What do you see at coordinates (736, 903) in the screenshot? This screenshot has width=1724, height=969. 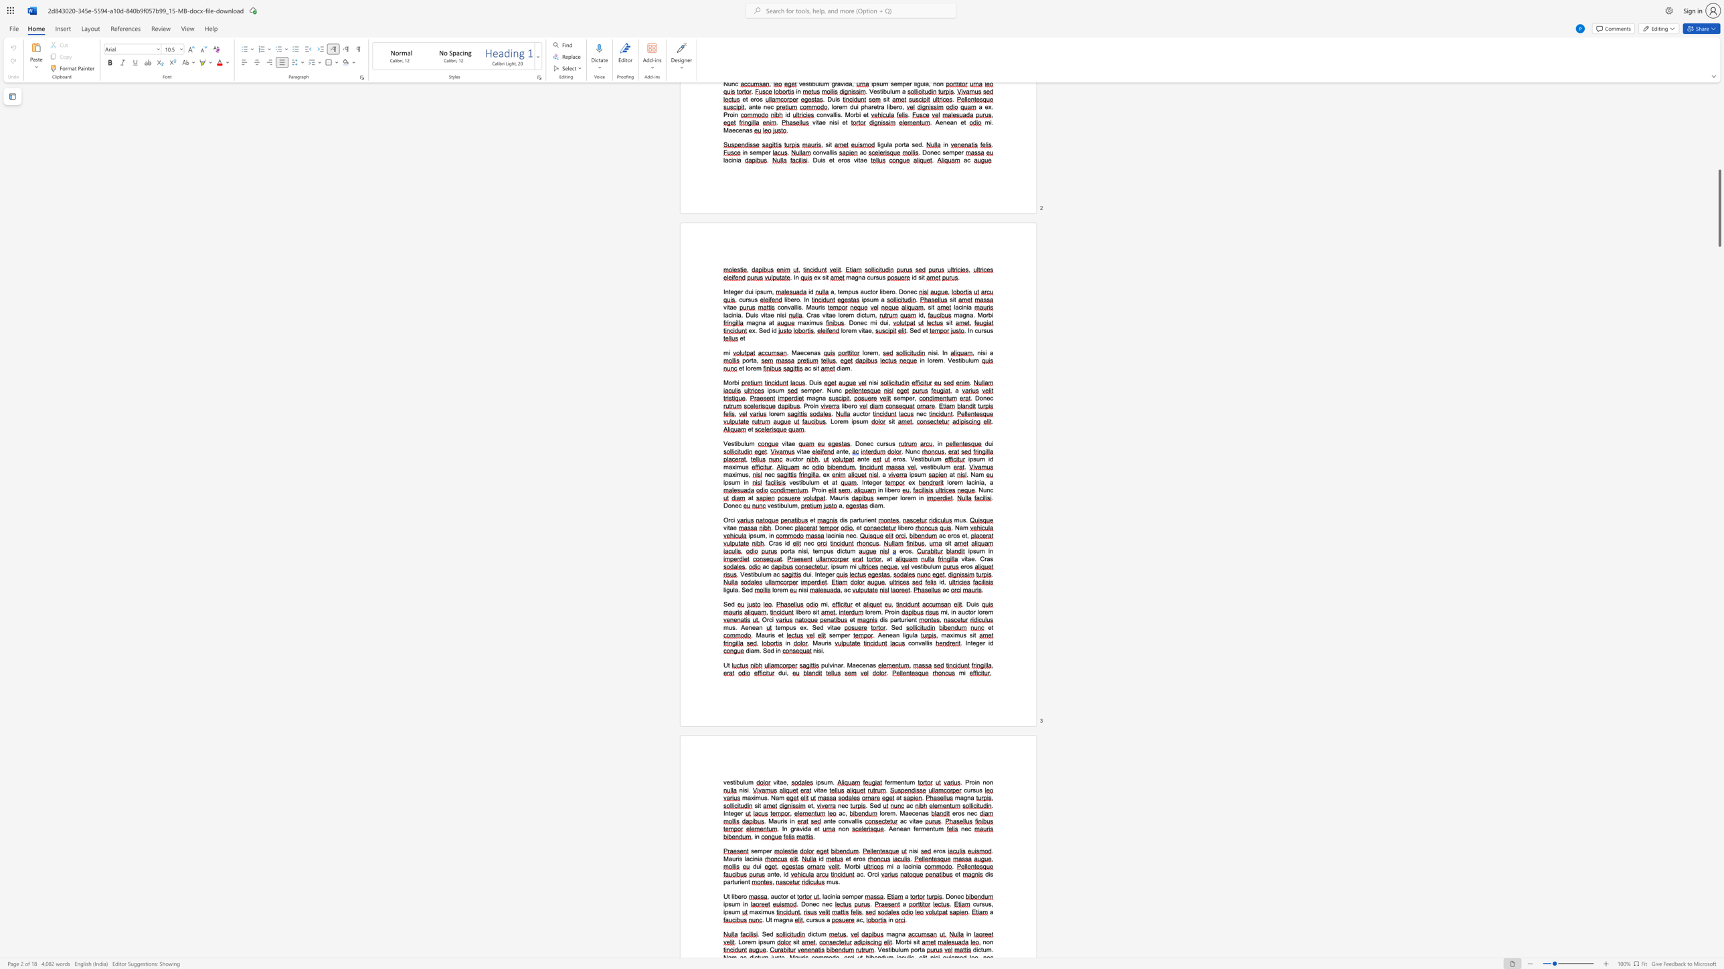 I see `the space between the continuous character "u" and "m" in the text` at bounding box center [736, 903].